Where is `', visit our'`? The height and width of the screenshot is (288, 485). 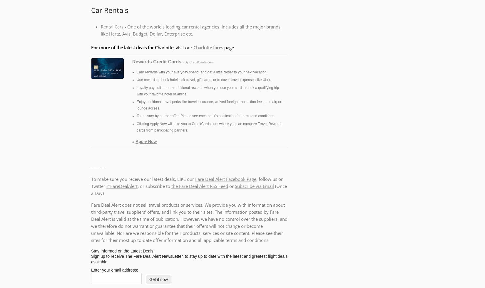 ', visit our' is located at coordinates (183, 47).